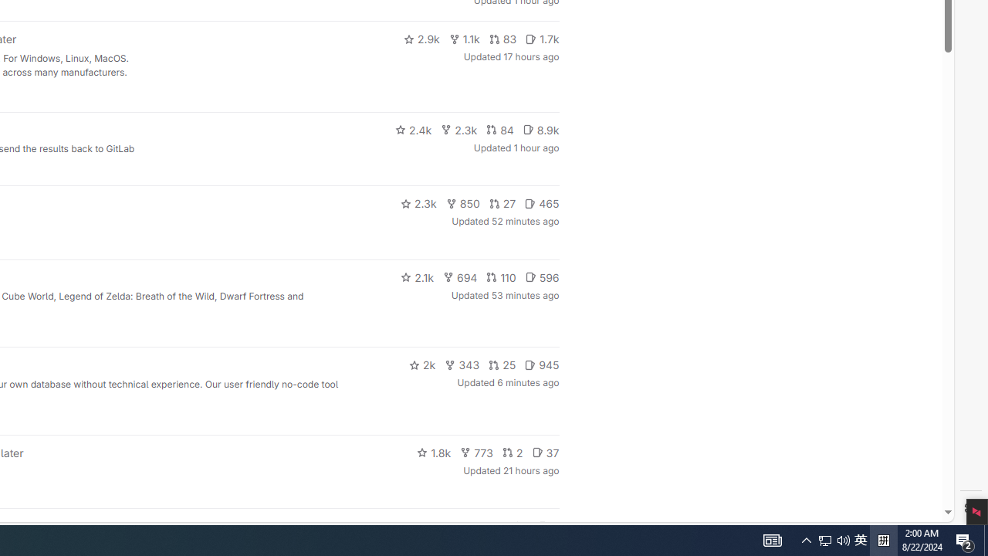 The height and width of the screenshot is (556, 988). What do you see at coordinates (421, 365) in the screenshot?
I see `'2k'` at bounding box center [421, 365].